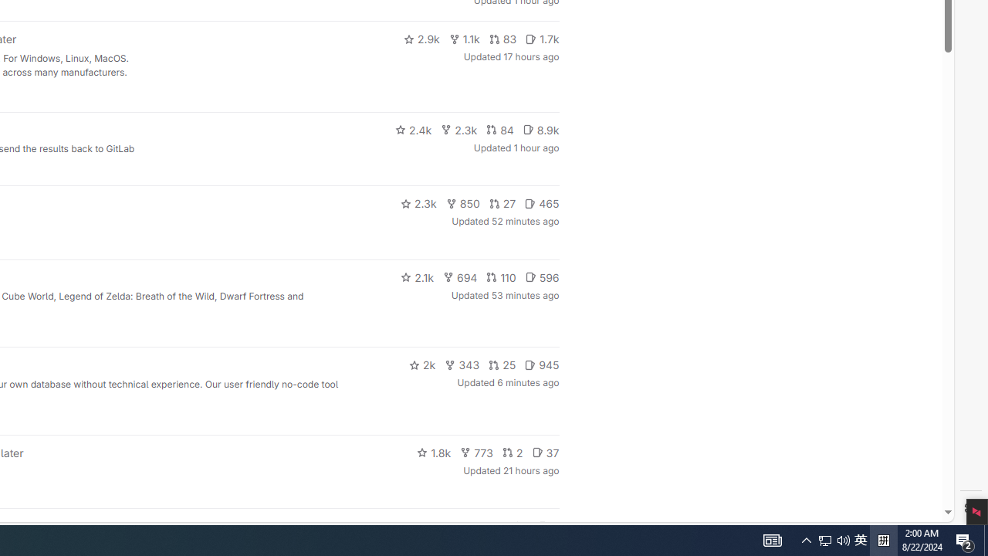 The height and width of the screenshot is (556, 988). What do you see at coordinates (421, 365) in the screenshot?
I see `'2k'` at bounding box center [421, 365].